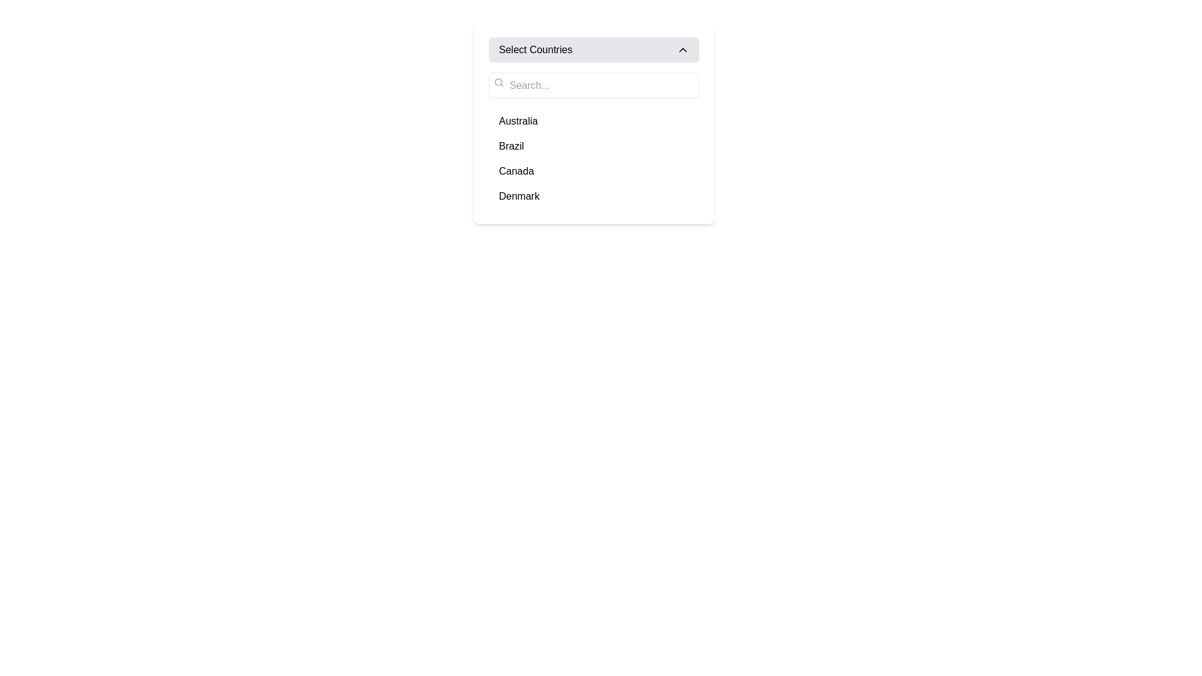 The height and width of the screenshot is (676, 1202). I want to click on the 'Australia' text item in the dropdown menu, so click(518, 121).